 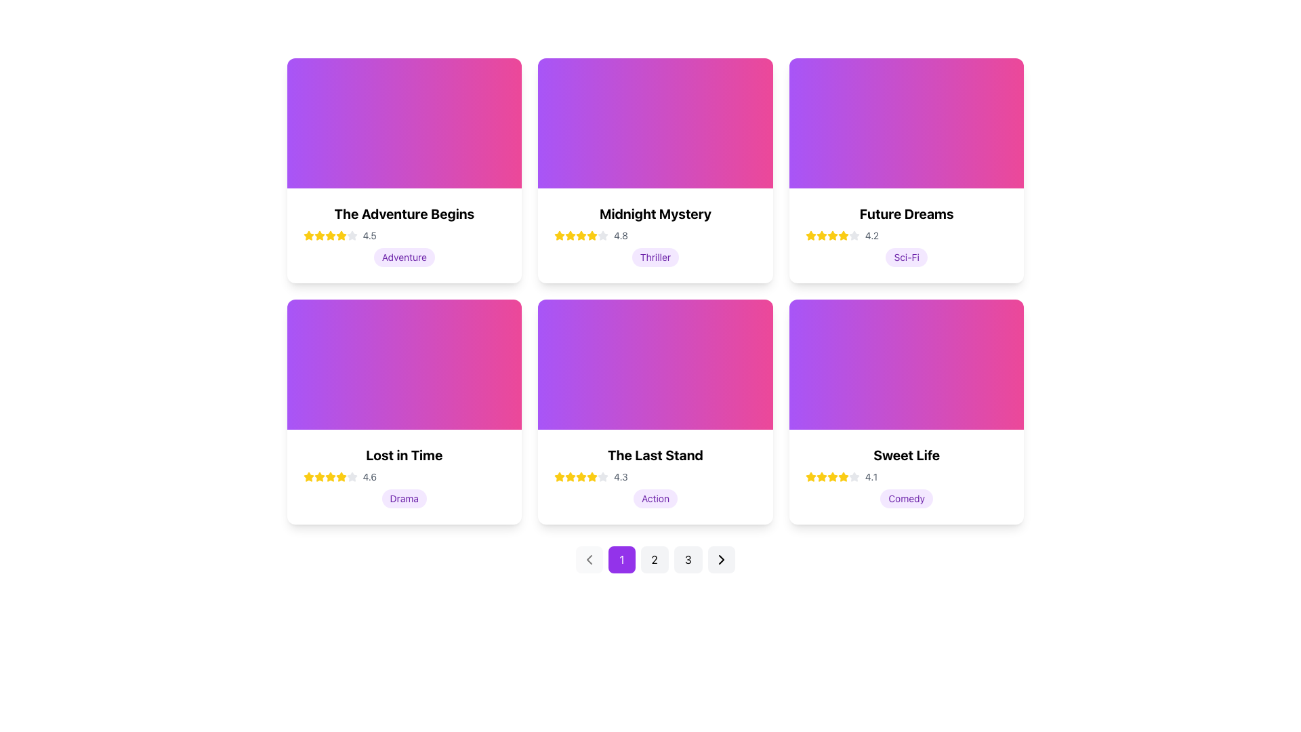 I want to click on the third star icon in the rating system for the movie 'The Last Stand', which is located centrally below the movie title and above the genre label, so click(x=581, y=476).